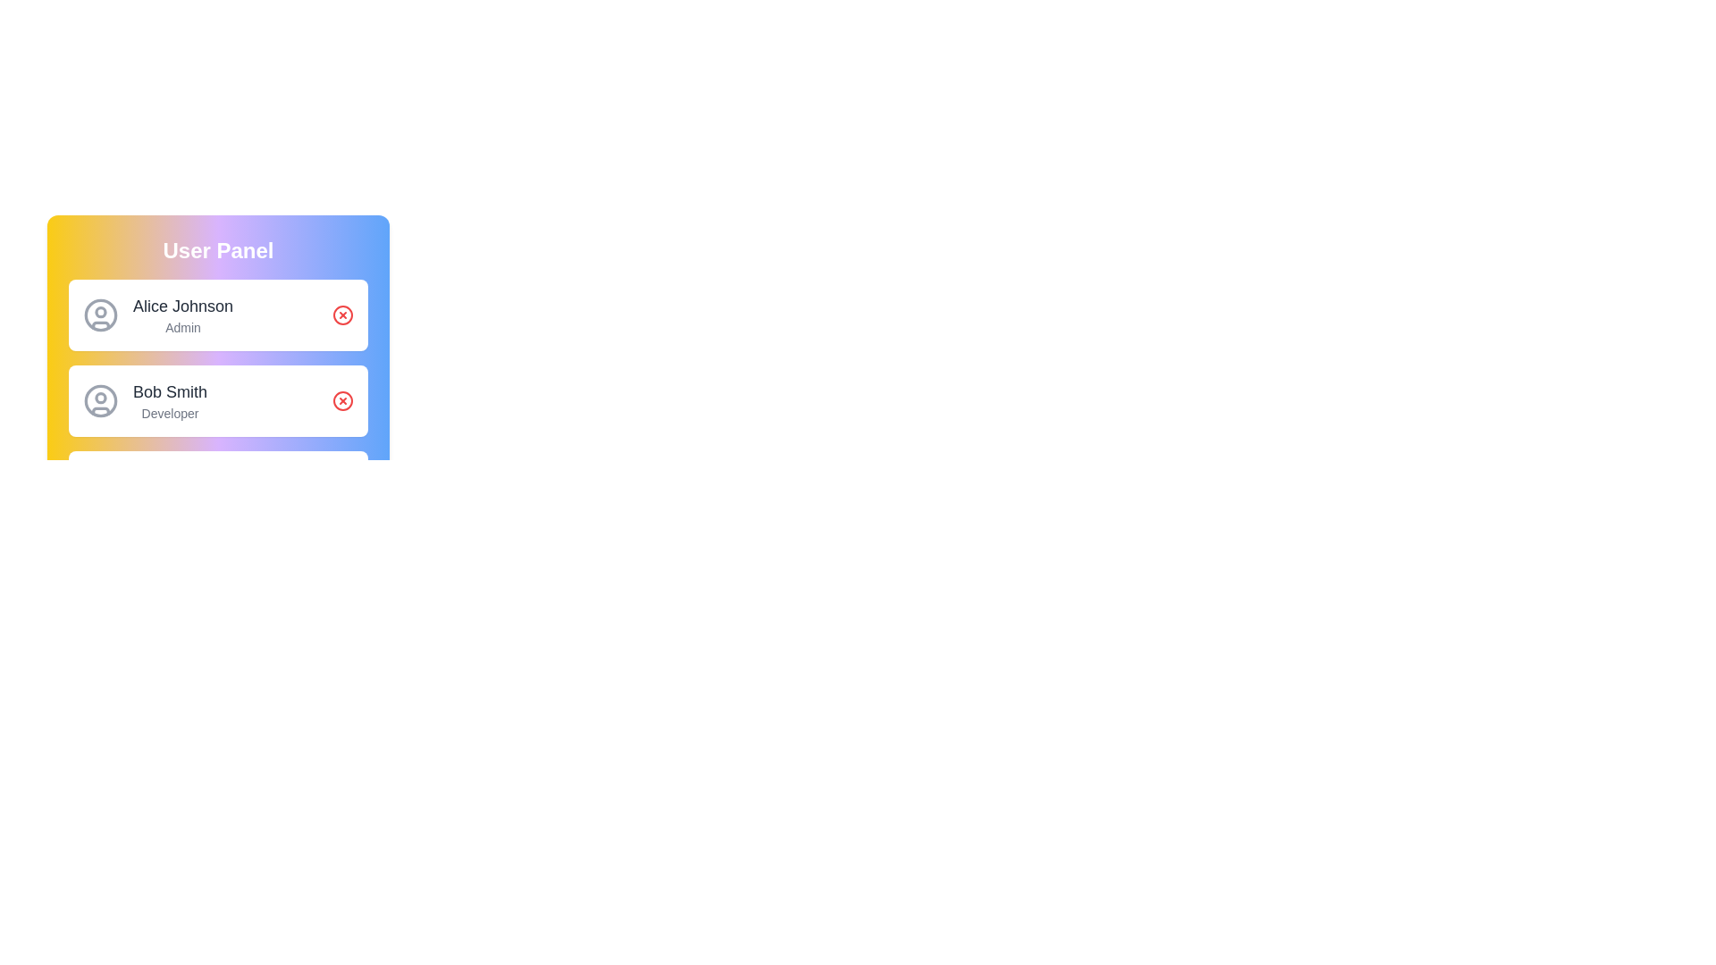 This screenshot has height=965, width=1716. What do you see at coordinates (100, 399) in the screenshot?
I see `the user profile icon displayed next to 'Bob Smith' in the second user profile row of the User Panel interface` at bounding box center [100, 399].